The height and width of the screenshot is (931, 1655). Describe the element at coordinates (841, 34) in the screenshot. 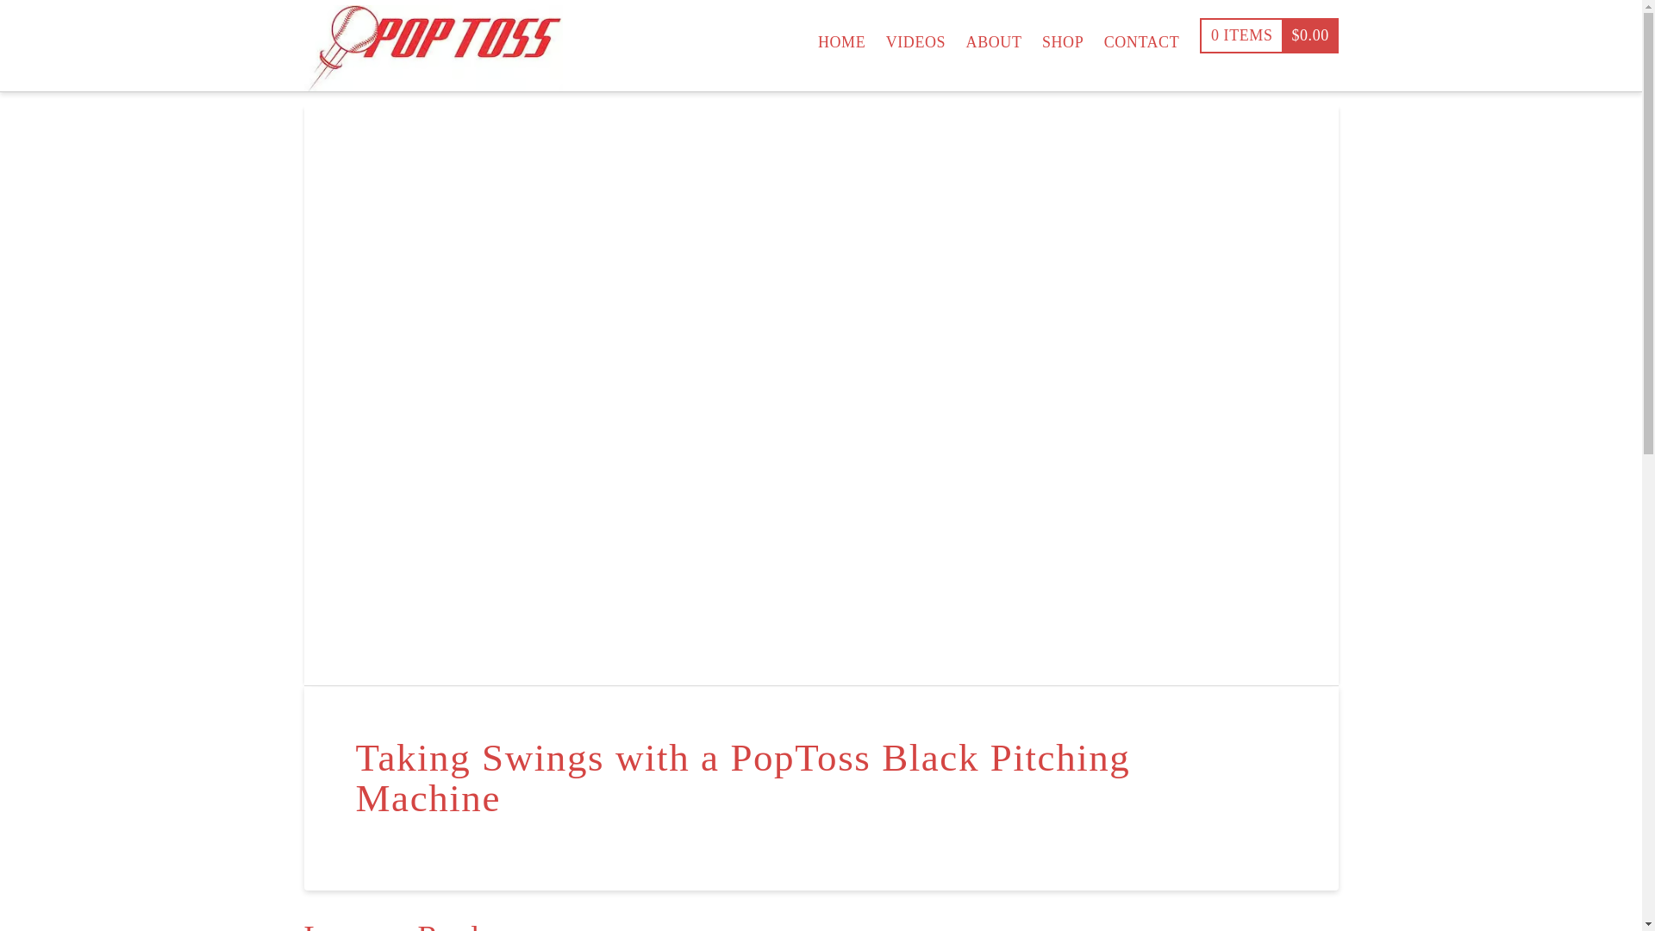

I see `'HOME'` at that location.